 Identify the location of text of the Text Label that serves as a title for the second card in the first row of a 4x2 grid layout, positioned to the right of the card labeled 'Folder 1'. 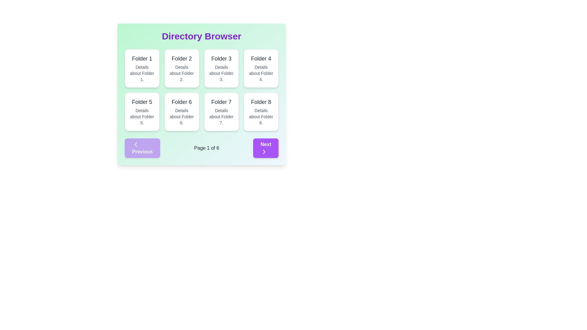
(181, 59).